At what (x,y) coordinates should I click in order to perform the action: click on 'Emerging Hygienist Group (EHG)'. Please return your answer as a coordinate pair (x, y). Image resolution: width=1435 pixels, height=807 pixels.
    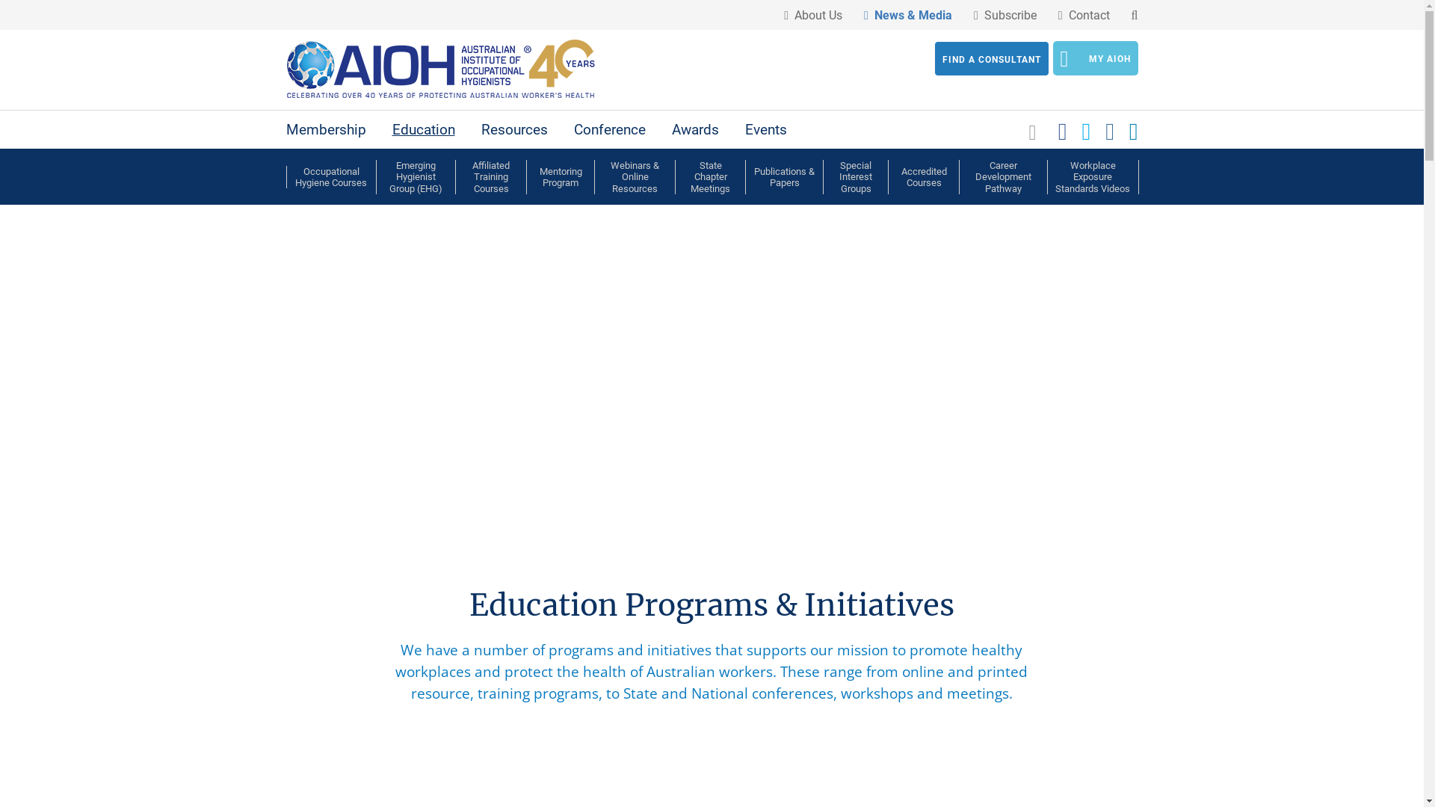
    Looking at the image, I should click on (416, 176).